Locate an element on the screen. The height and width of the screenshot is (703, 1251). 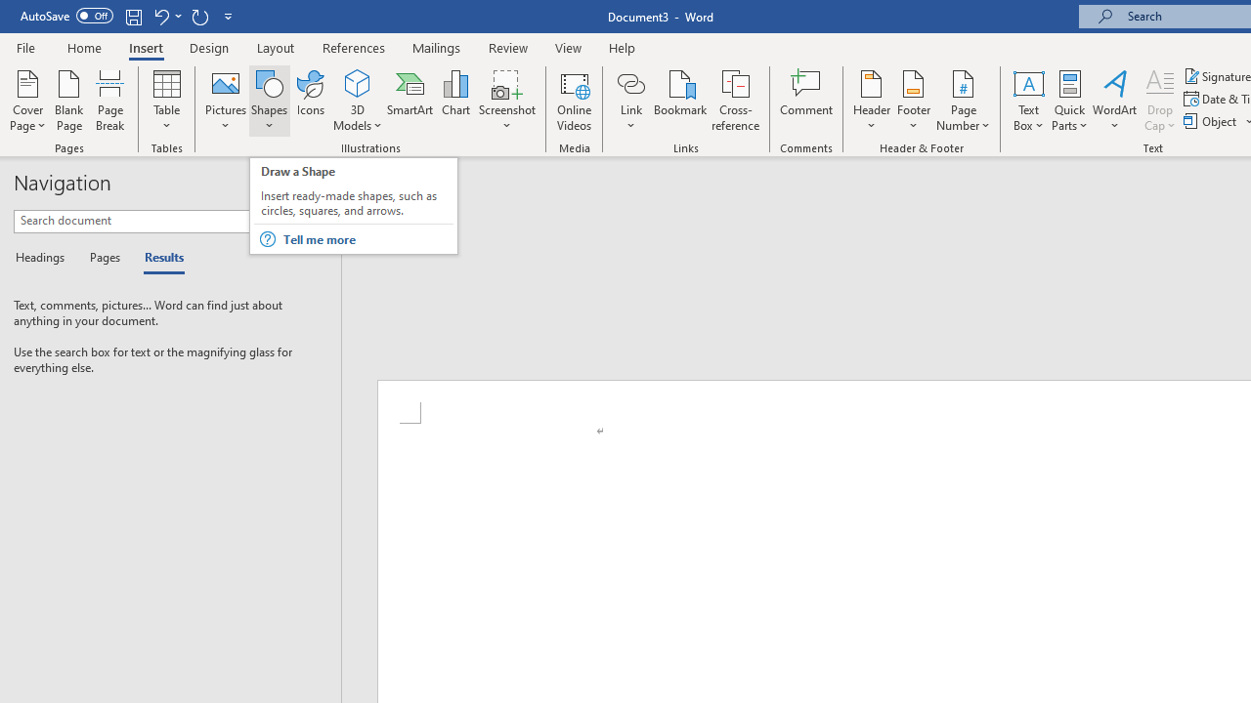
'Comment' is located at coordinates (806, 101).